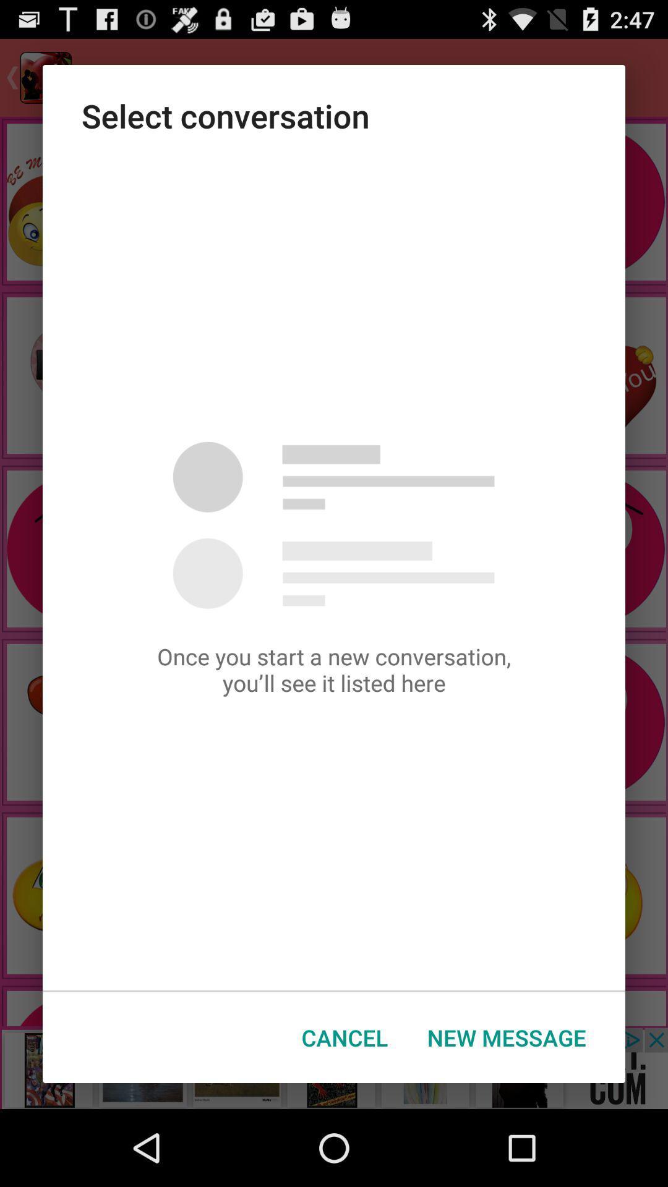 The image size is (668, 1187). Describe the element at coordinates (345, 1037) in the screenshot. I see `the cancel` at that location.